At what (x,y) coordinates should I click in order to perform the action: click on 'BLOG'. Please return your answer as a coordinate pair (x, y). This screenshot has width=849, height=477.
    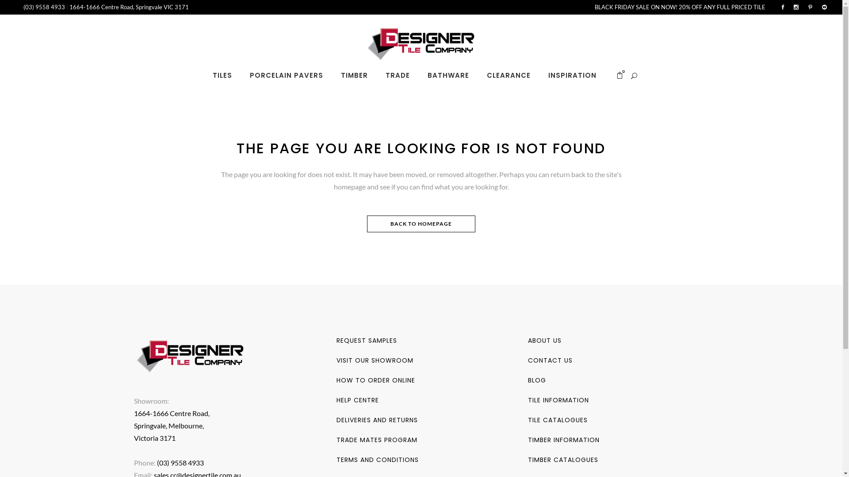
    Looking at the image, I should click on (536, 379).